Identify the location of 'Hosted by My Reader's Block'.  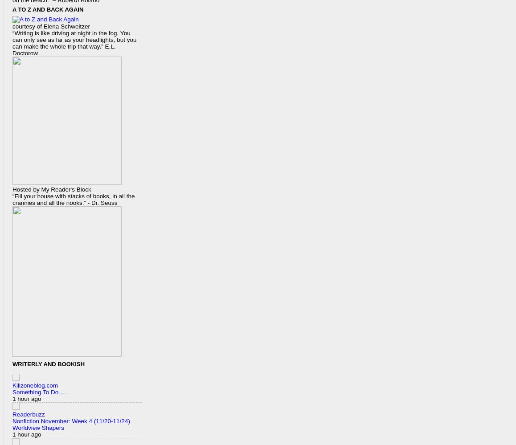
(51, 188).